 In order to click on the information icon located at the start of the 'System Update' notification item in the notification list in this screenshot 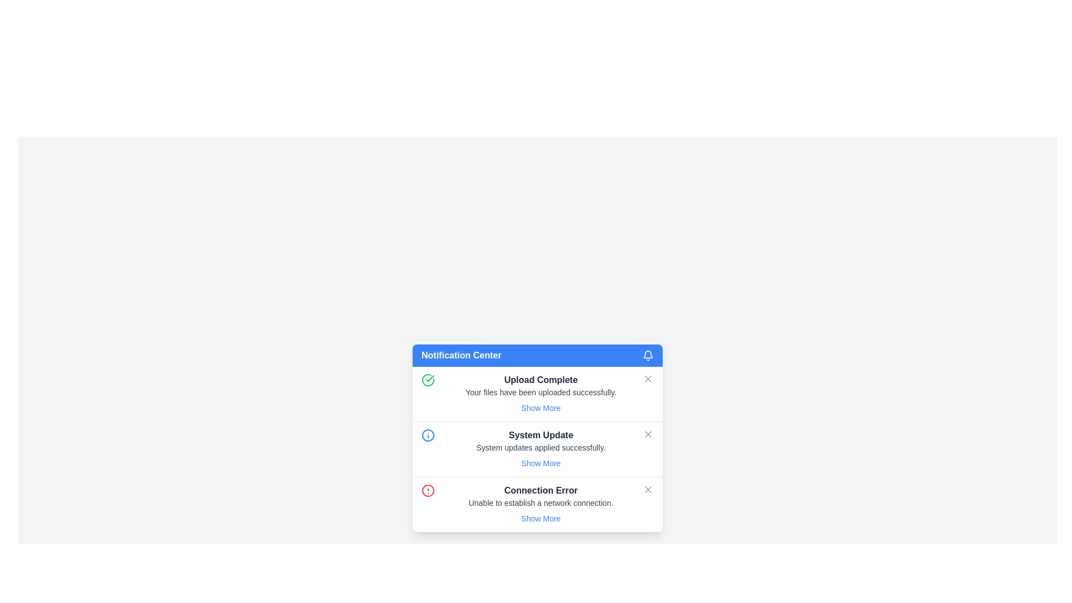, I will do `click(428, 434)`.